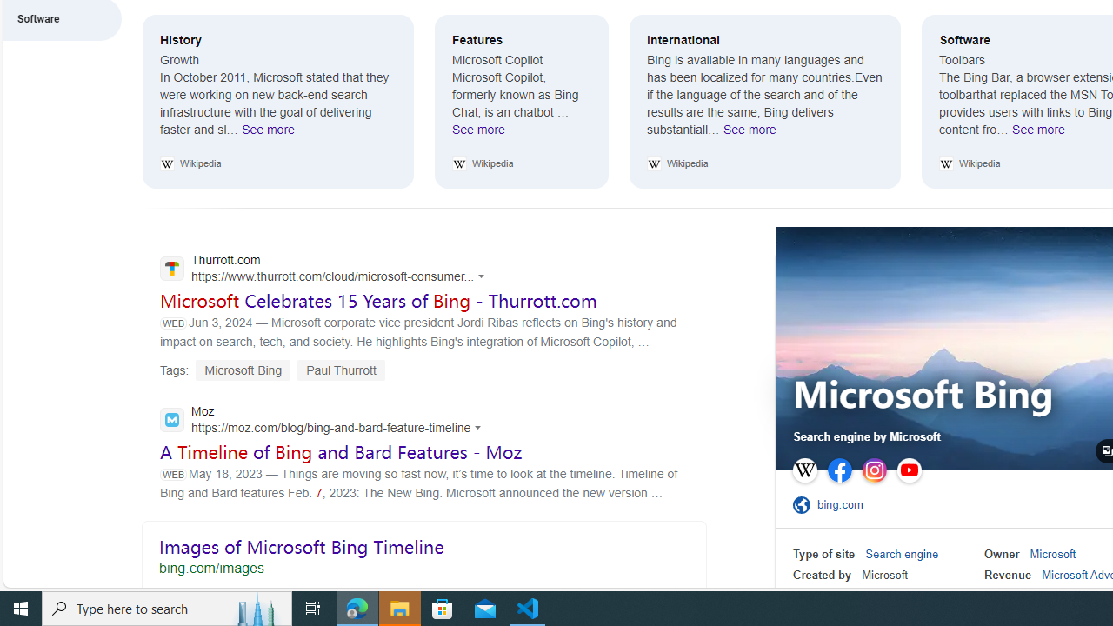  What do you see at coordinates (922, 396) in the screenshot?
I see `'Microsoft Bing'` at bounding box center [922, 396].